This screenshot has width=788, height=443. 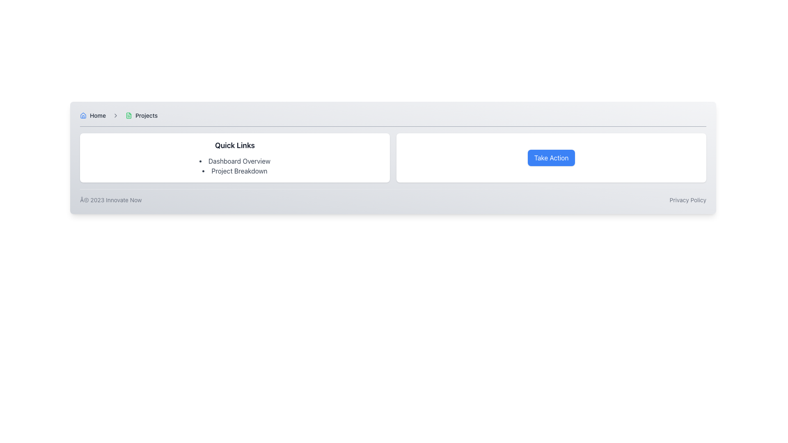 What do you see at coordinates (146, 115) in the screenshot?
I see `the 'Projects' text label located on the right side of the file-like icon in the top navigation section` at bounding box center [146, 115].